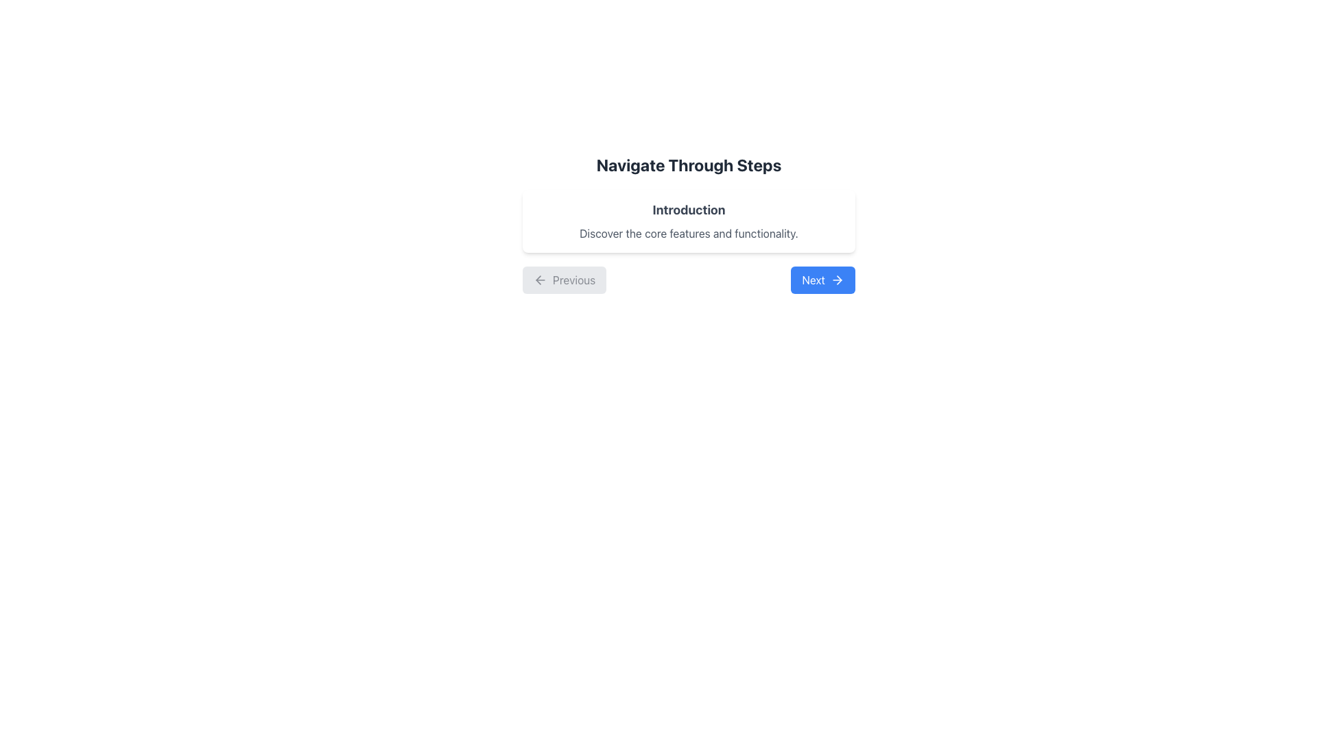  Describe the element at coordinates (689, 232) in the screenshot. I see `the text label that reads 'Discover the core features and functionality.' which is styled in gray and located below the 'Introduction' heading` at that location.